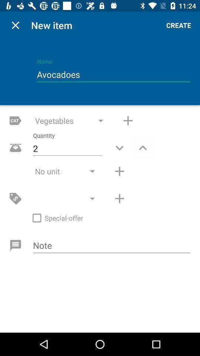 The height and width of the screenshot is (356, 200). I want to click on apps, so click(127, 121).